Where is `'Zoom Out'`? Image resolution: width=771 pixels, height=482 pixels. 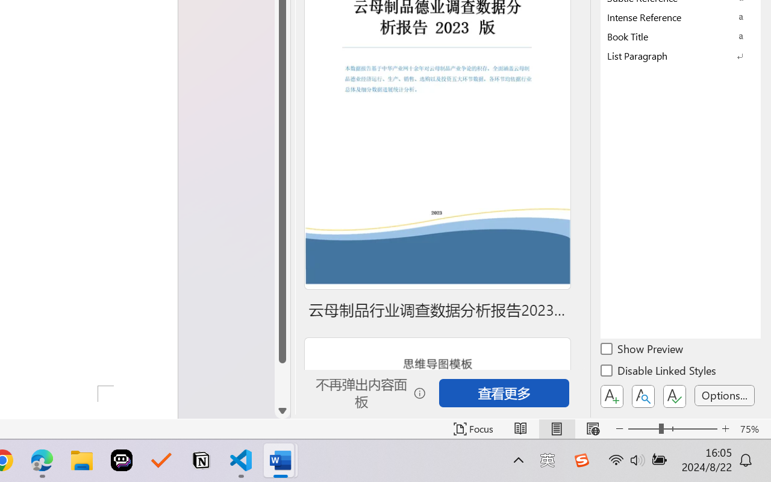 'Zoom Out' is located at coordinates (643, 428).